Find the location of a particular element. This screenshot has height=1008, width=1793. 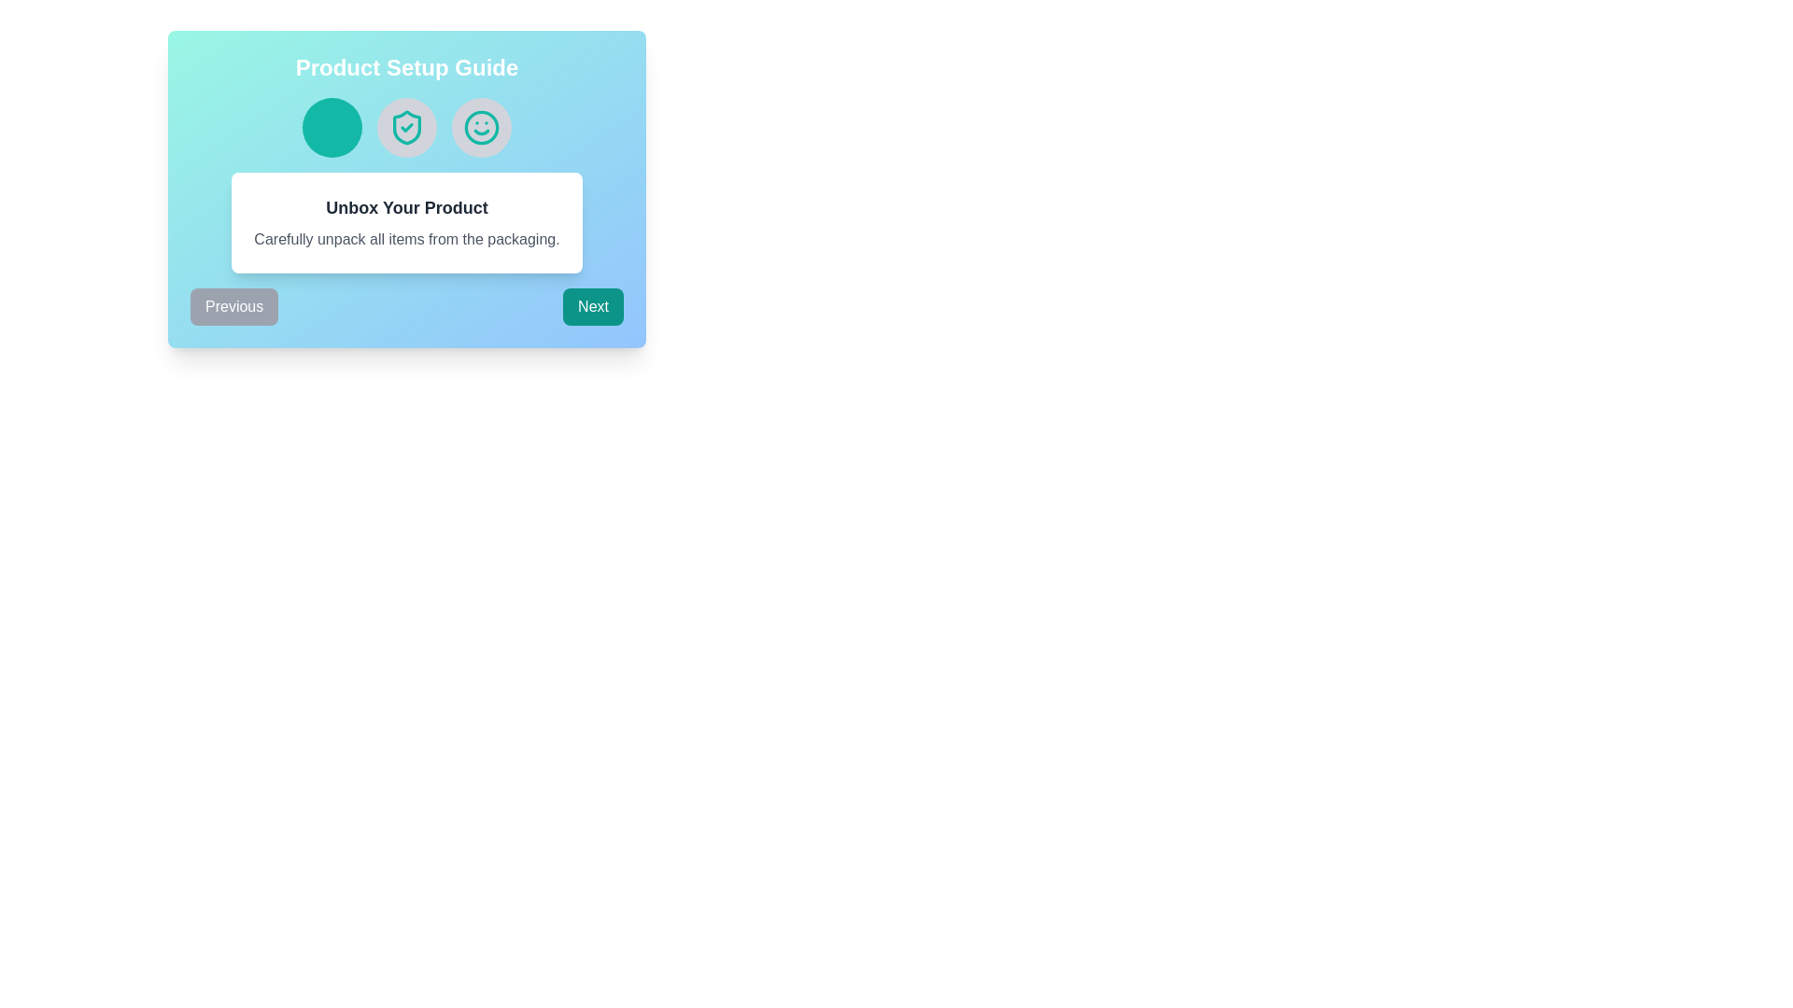

the second circular icon from the left in a group of three, which serves as a visual indicator of security or verification is located at coordinates (406, 127).